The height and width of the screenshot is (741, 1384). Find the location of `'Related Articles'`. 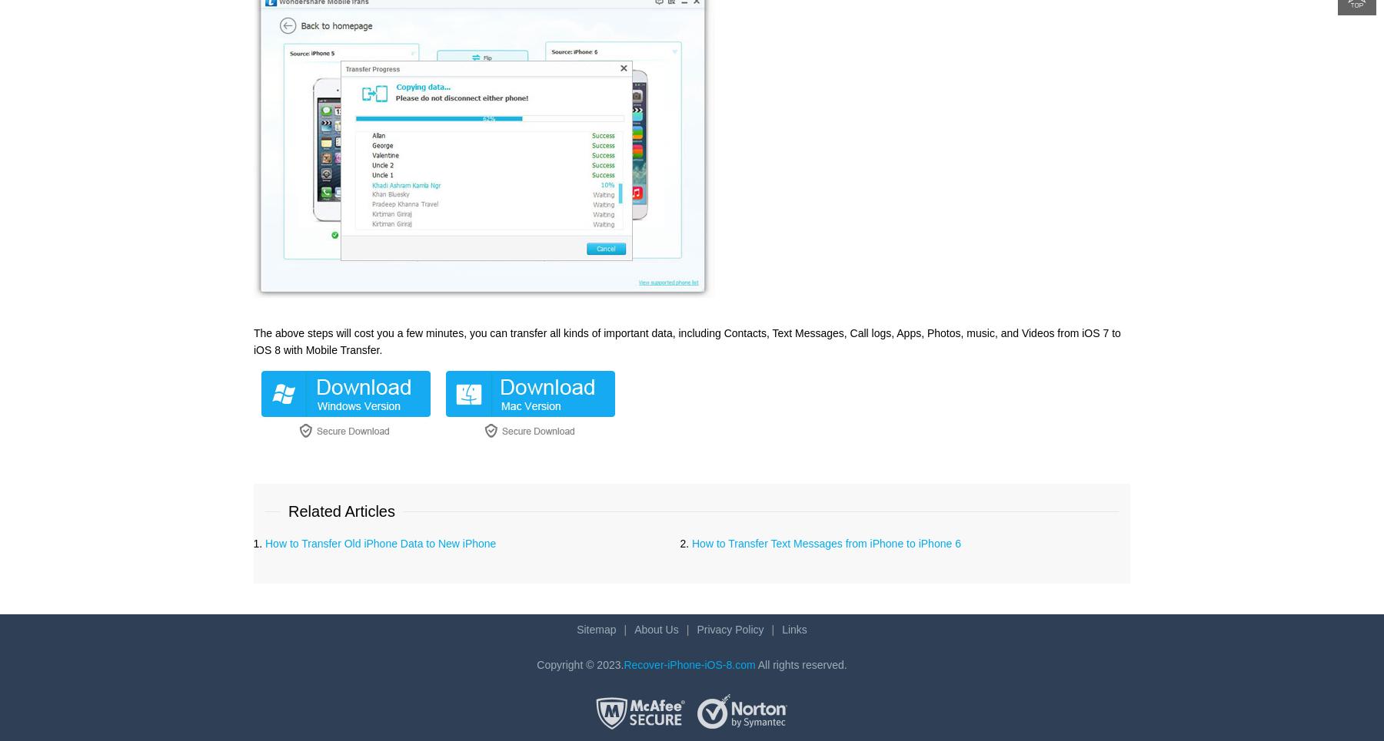

'Related Articles' is located at coordinates (341, 510).